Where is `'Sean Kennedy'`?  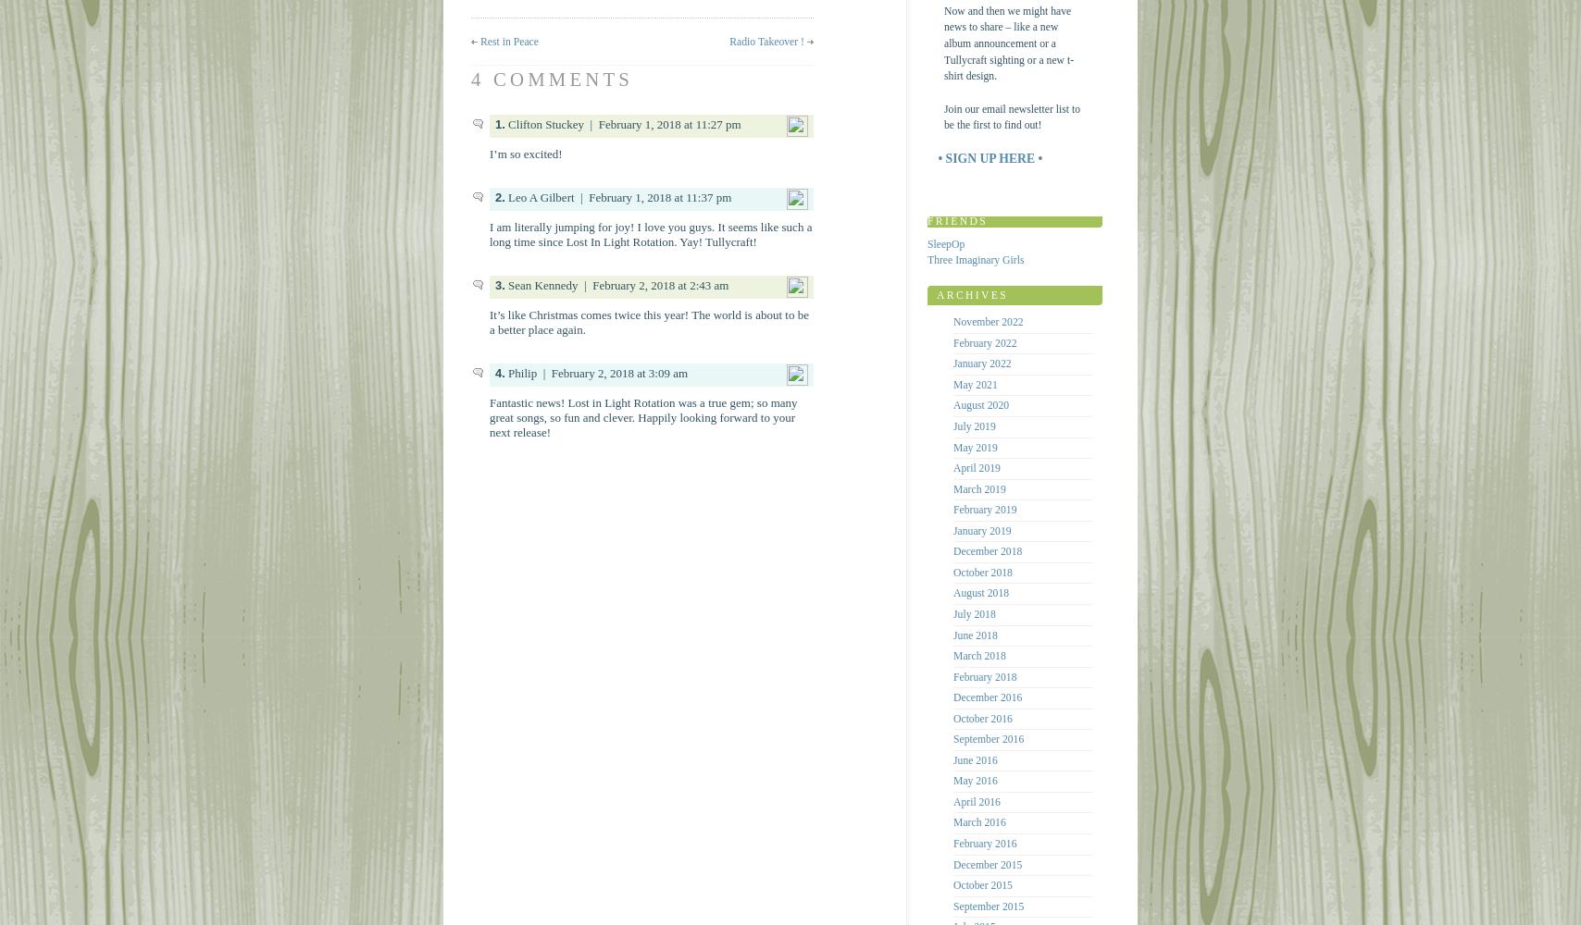
'Sean Kennedy' is located at coordinates (507, 285).